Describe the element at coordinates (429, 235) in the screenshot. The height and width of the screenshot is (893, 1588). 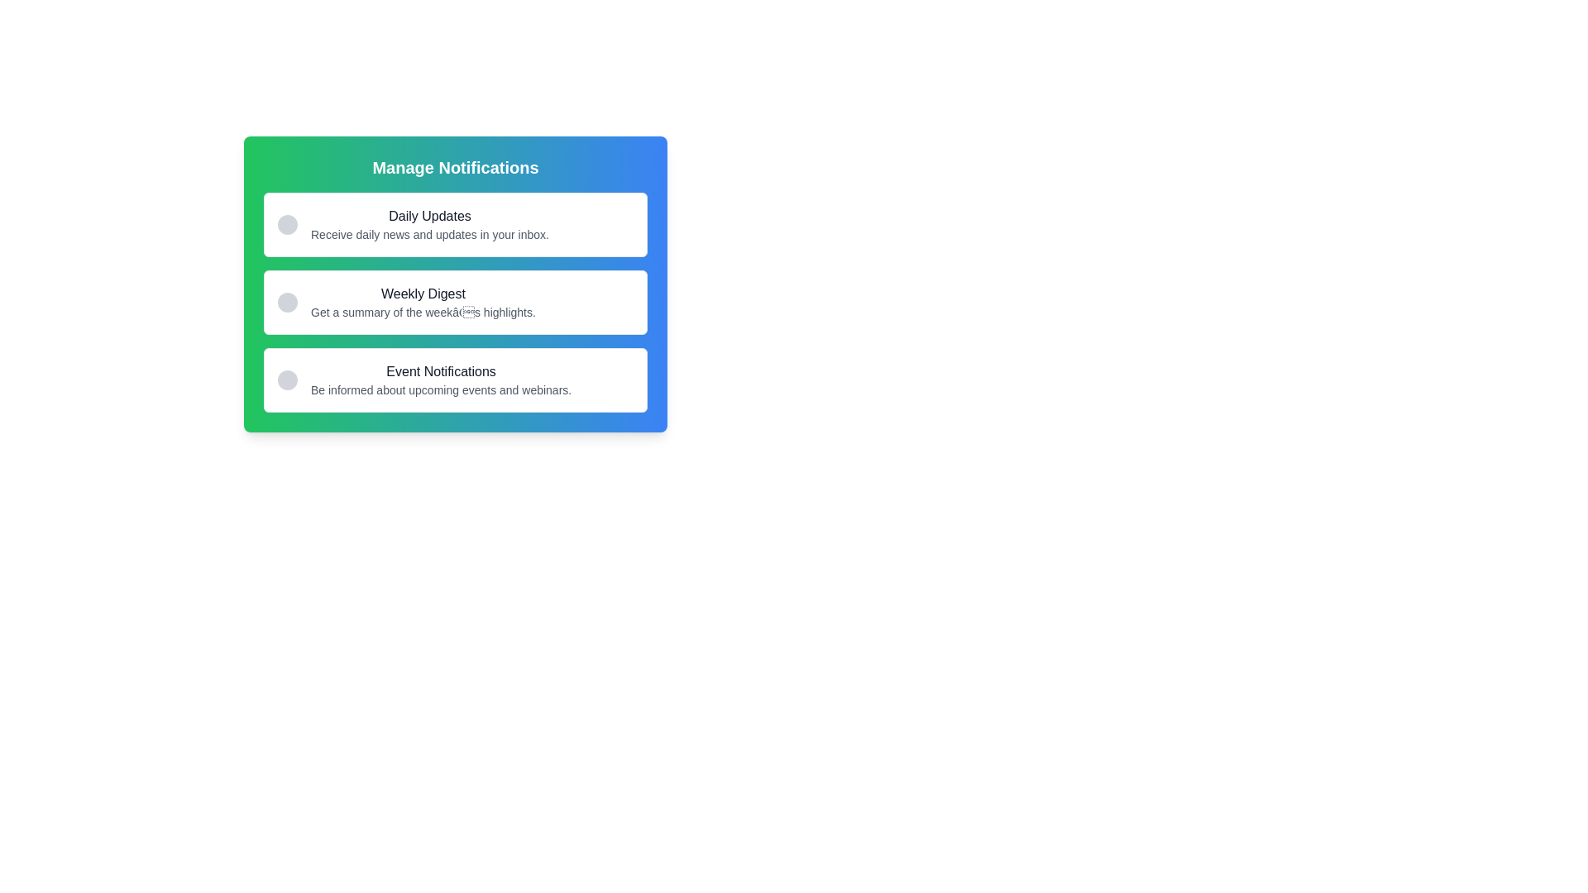
I see `informational text label that states 'Receive daily news and updates in your inbox.' located below the heading 'Daily Updates.'` at that location.